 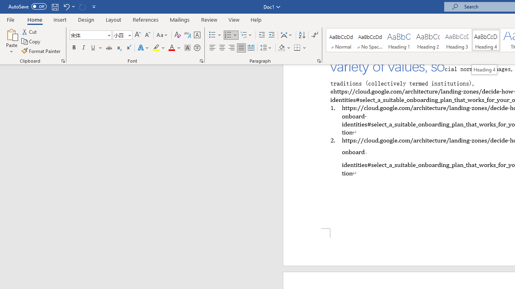 I want to click on 'Justify', so click(x=241, y=48).